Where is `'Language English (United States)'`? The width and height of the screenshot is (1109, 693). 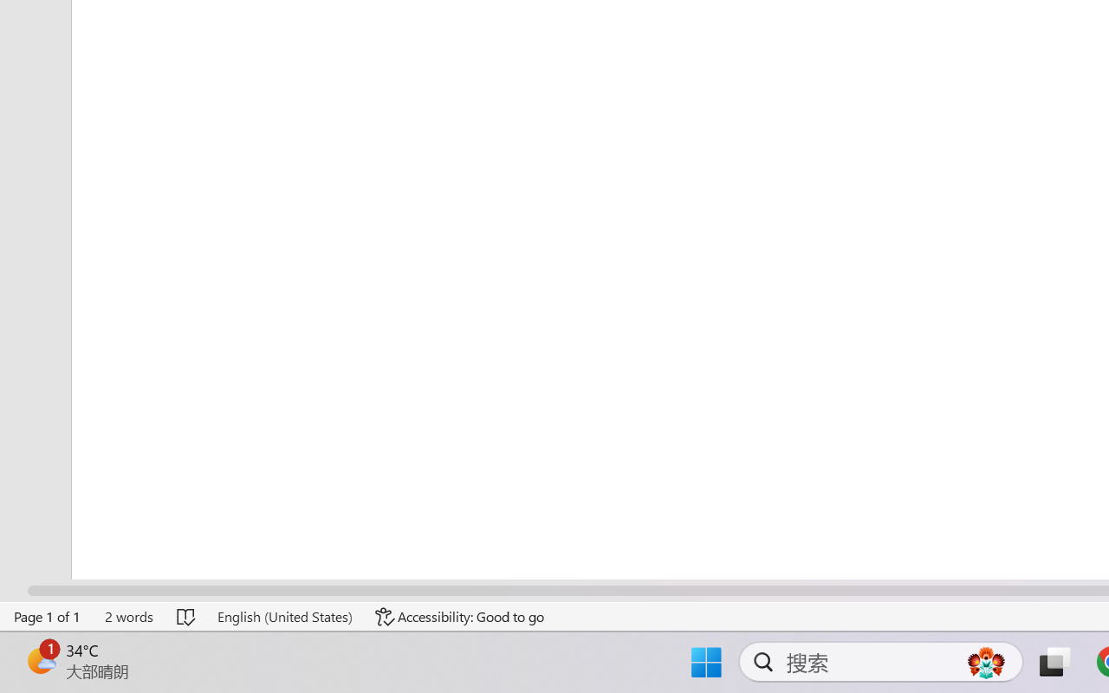 'Language English (United States)' is located at coordinates (284, 616).